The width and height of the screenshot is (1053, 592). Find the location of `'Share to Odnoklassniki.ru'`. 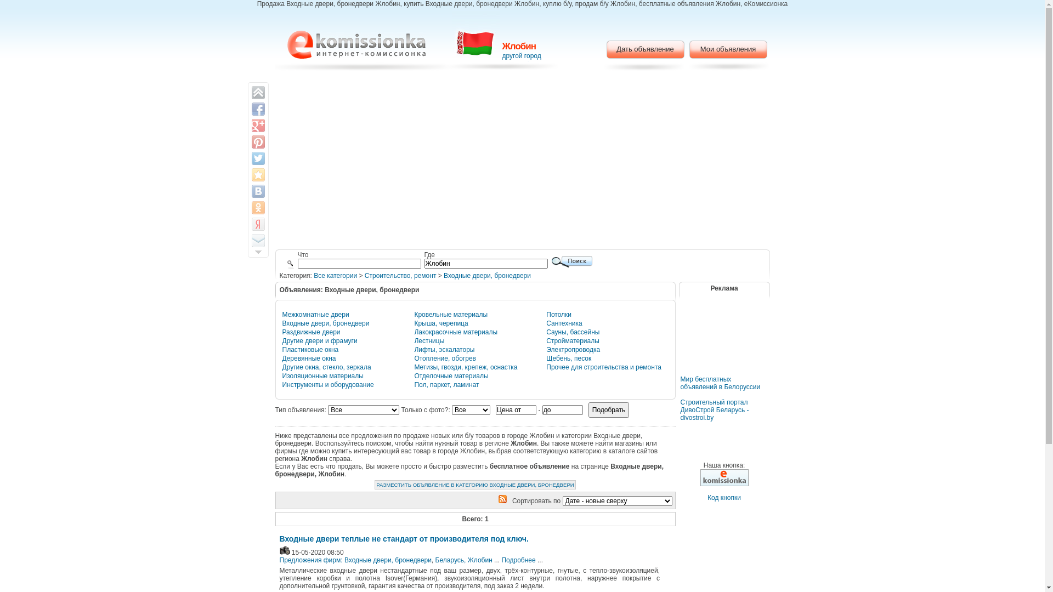

'Share to Odnoklassniki.ru' is located at coordinates (257, 207).